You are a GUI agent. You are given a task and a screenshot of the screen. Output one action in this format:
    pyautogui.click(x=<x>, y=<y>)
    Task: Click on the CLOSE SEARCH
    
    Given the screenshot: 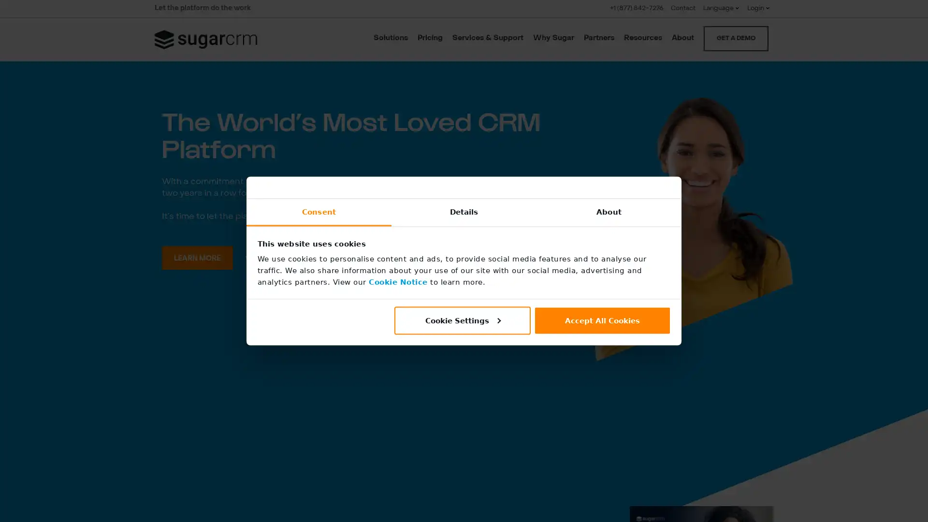 What is the action you would take?
    pyautogui.click(x=916, y=46)
    